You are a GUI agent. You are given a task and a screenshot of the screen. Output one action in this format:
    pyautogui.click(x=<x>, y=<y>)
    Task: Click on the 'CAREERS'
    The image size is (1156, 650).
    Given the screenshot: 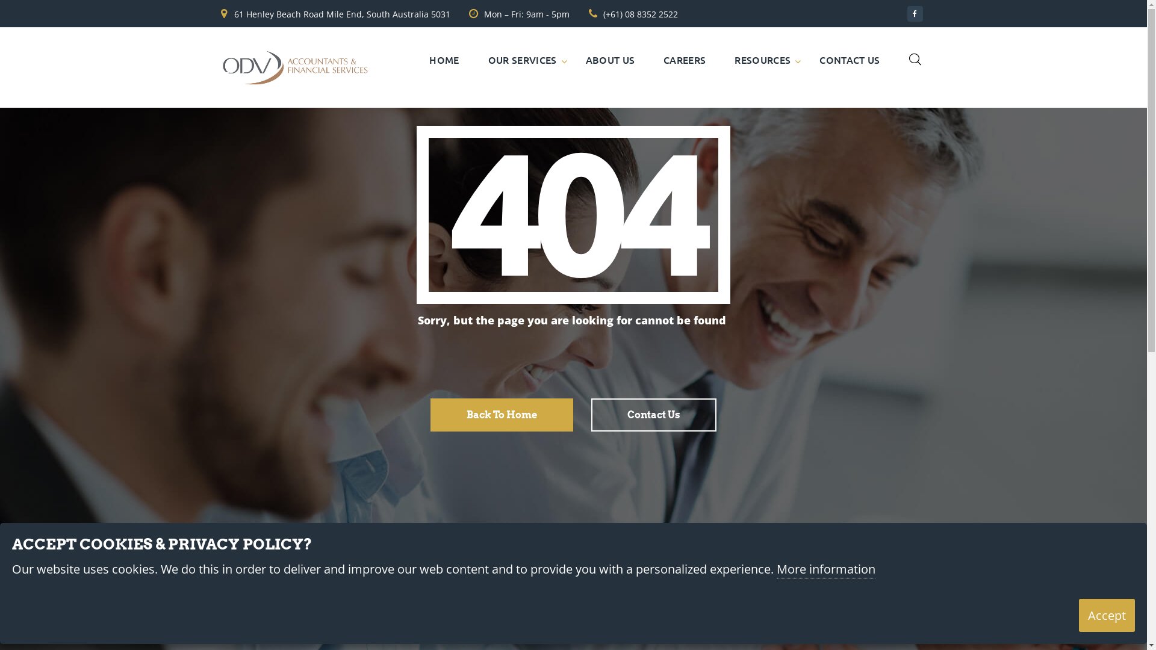 What is the action you would take?
    pyautogui.click(x=663, y=60)
    